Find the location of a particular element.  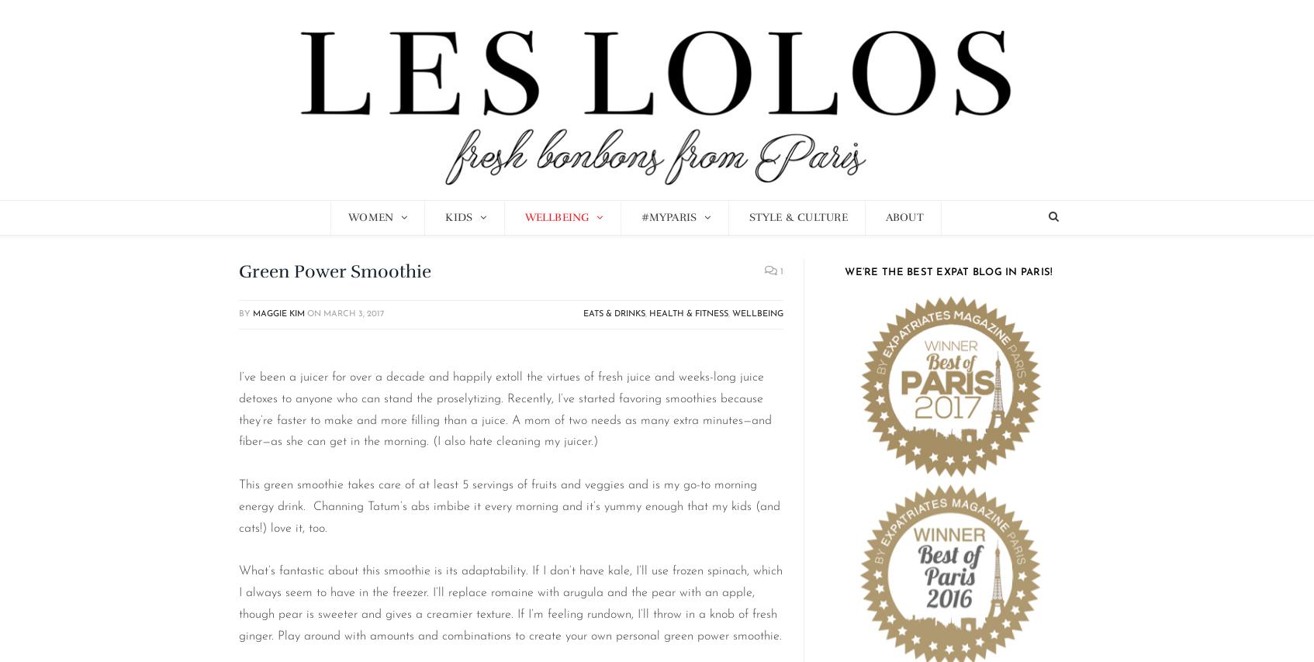

'Fun & Games' is located at coordinates (447, 281).